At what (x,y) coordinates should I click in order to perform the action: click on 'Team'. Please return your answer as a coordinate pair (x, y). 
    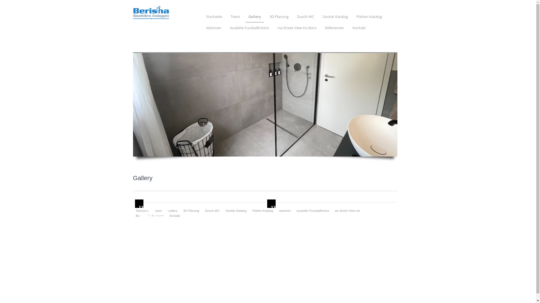
    Looking at the image, I should click on (158, 211).